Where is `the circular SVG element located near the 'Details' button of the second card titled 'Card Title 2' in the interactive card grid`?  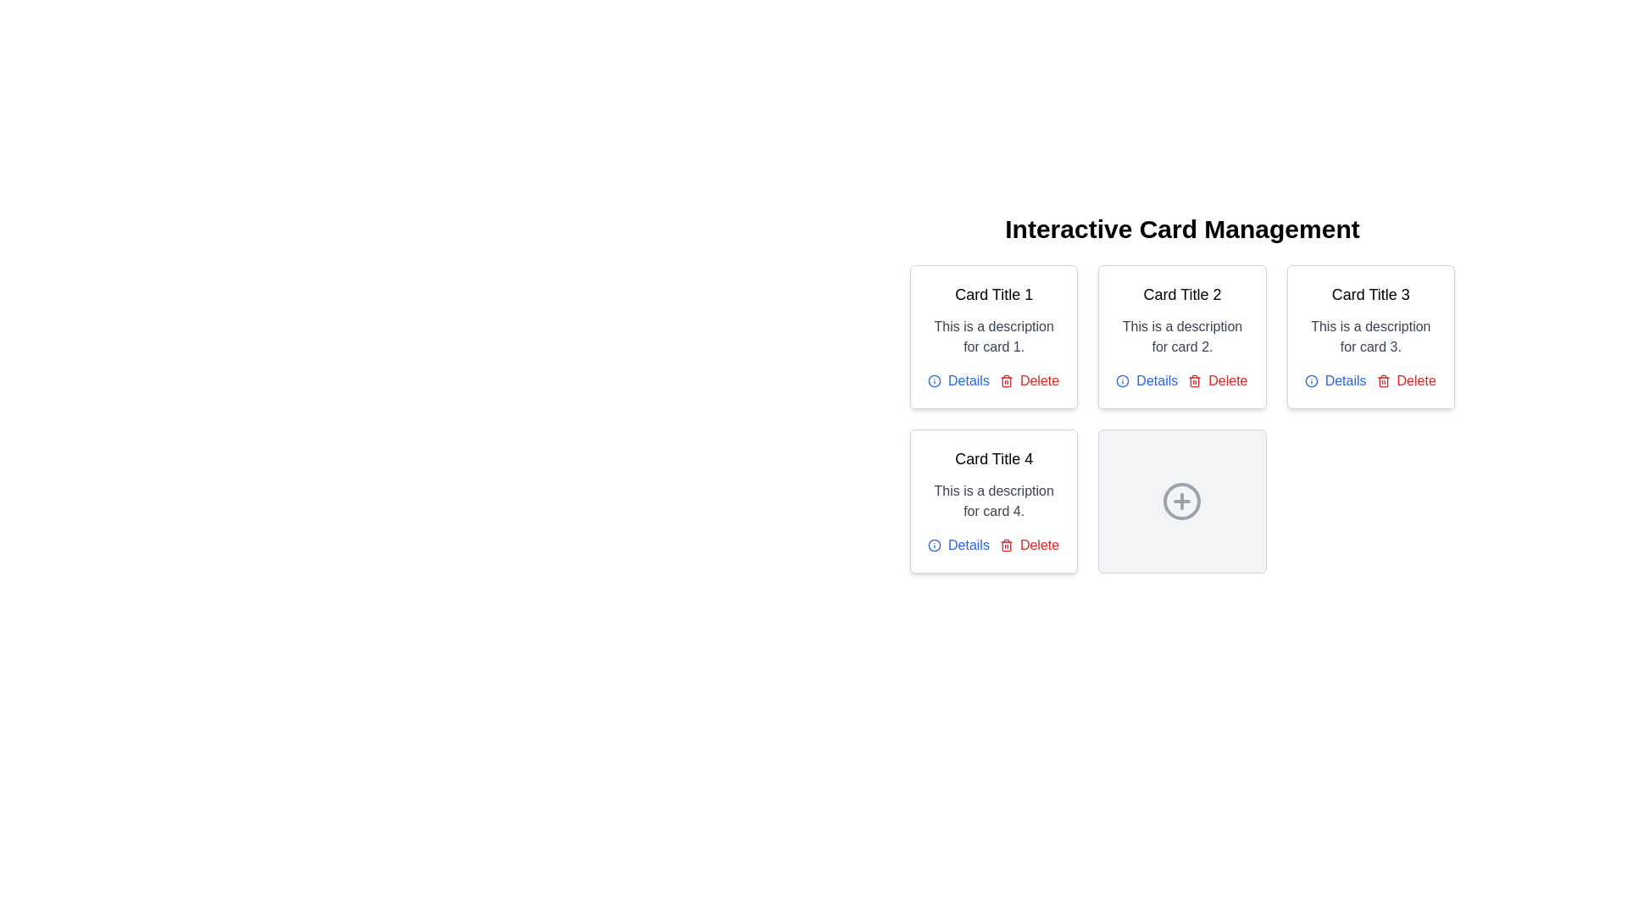 the circular SVG element located near the 'Details' button of the second card titled 'Card Title 2' in the interactive card grid is located at coordinates (1123, 381).